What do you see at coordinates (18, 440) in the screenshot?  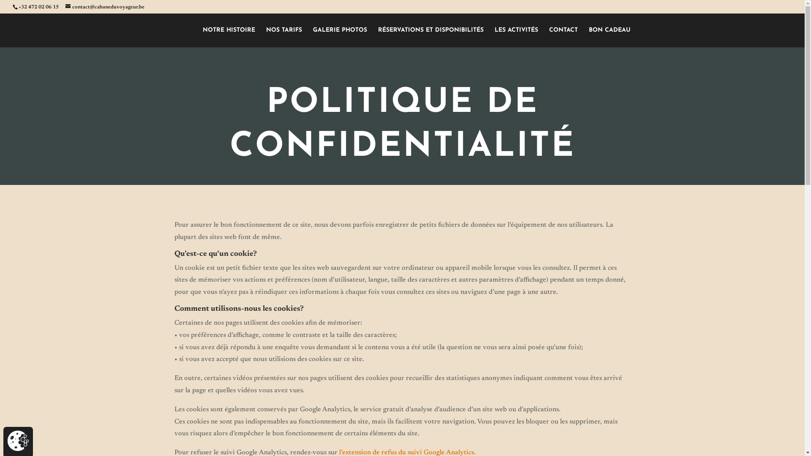 I see `'Cookies (modal window)'` at bounding box center [18, 440].